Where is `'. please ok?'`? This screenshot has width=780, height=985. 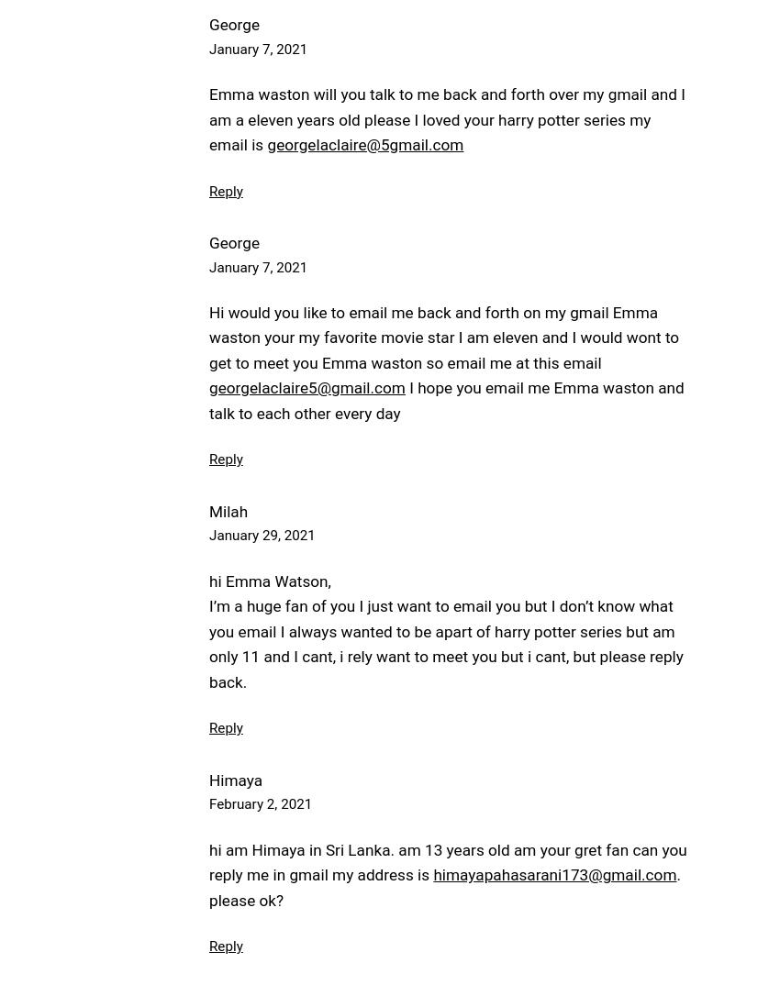
'. please ok?' is located at coordinates (208, 886).